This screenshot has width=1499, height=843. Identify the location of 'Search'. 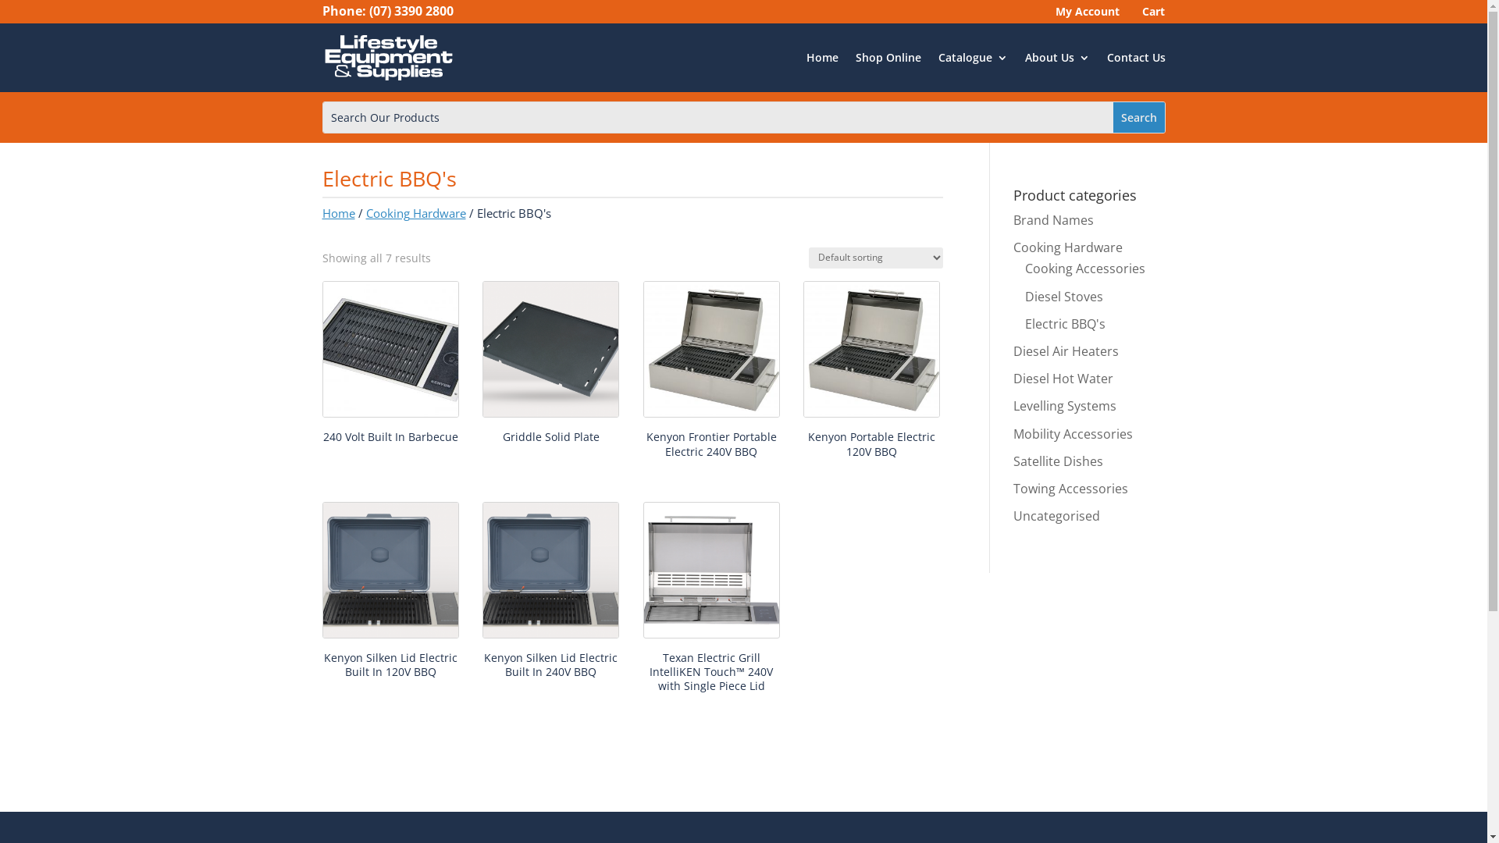
(1112, 116).